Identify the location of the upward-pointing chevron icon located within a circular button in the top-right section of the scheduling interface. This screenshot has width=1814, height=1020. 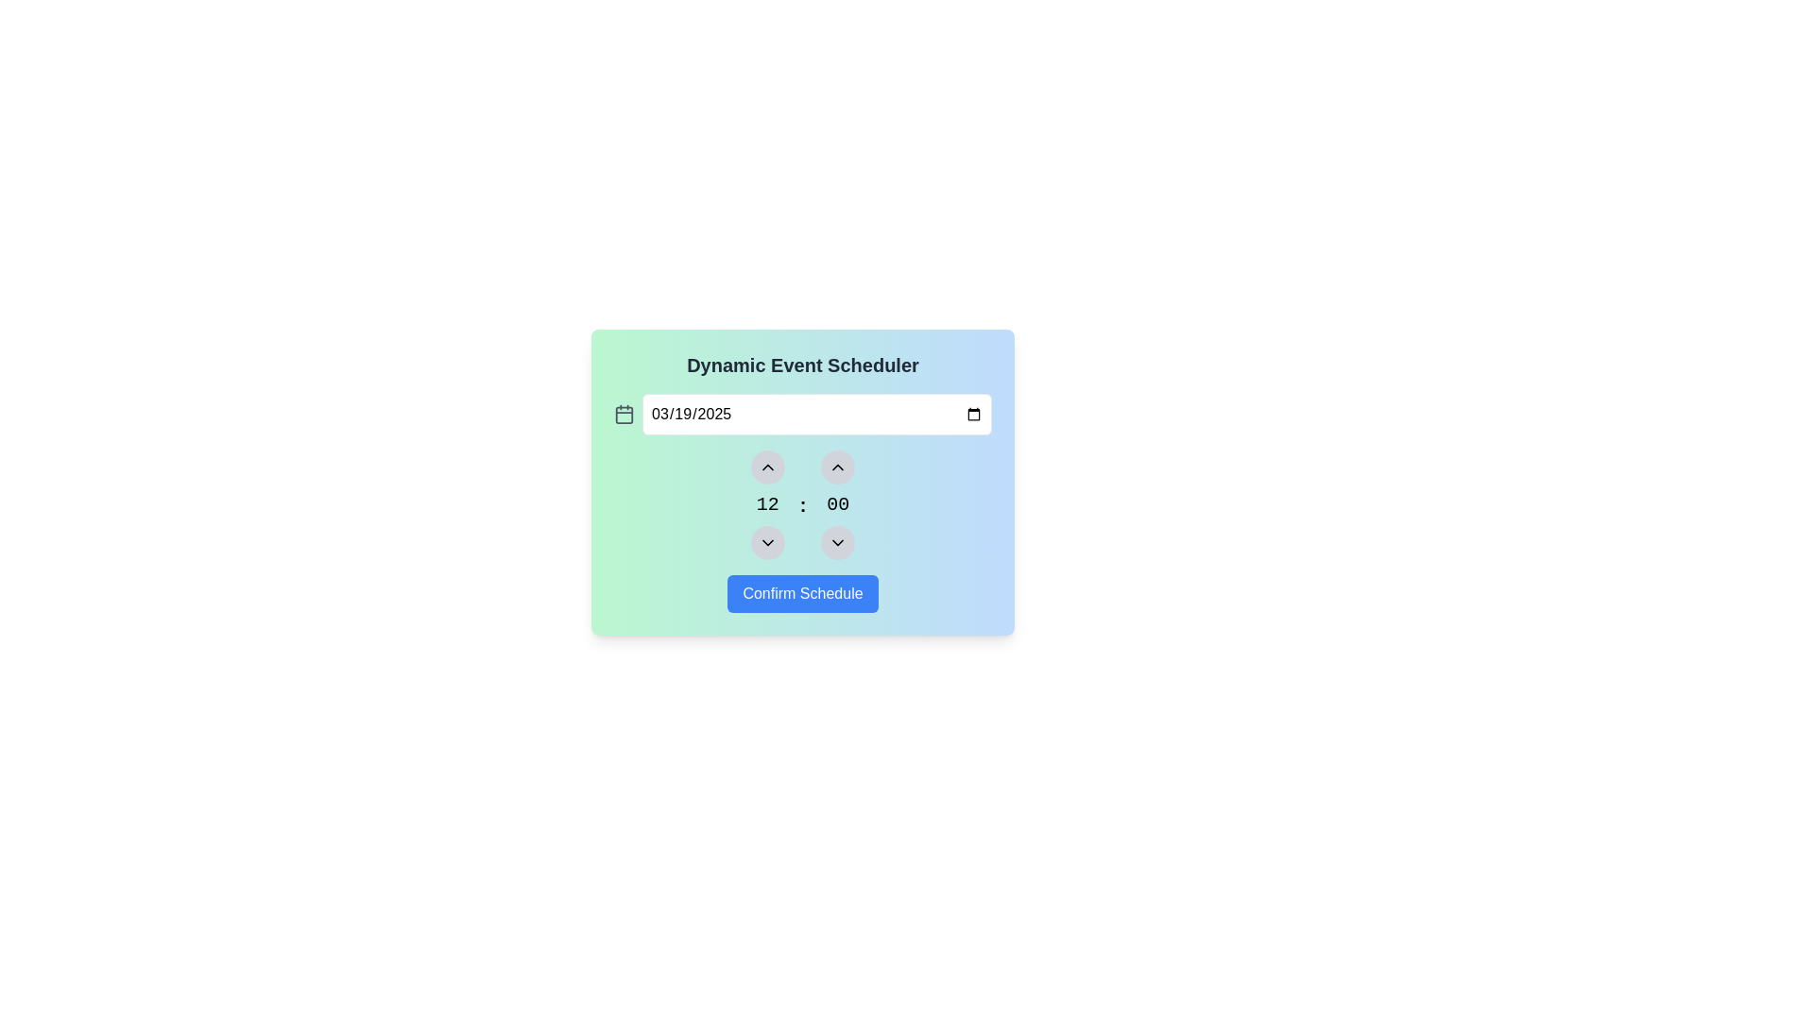
(767, 467).